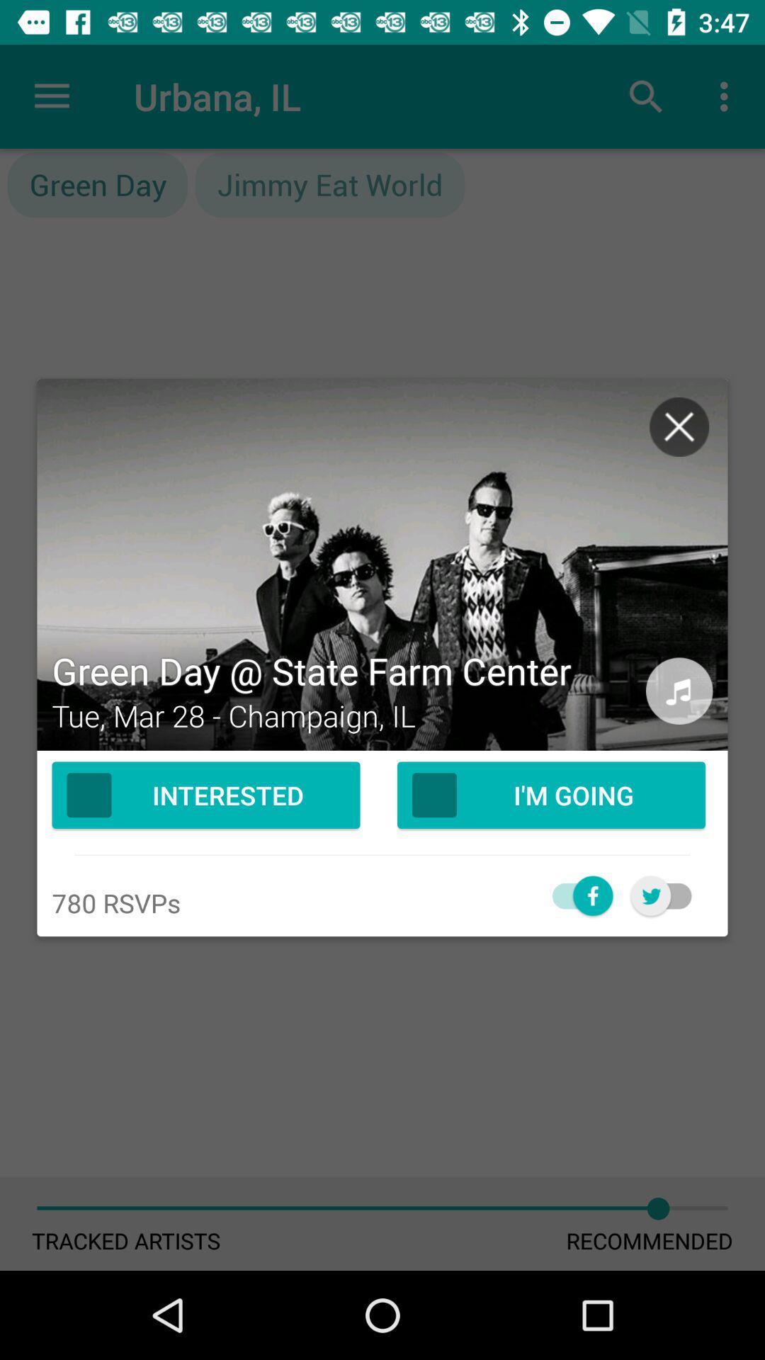 This screenshot has height=1360, width=765. Describe the element at coordinates (679, 691) in the screenshot. I see `the audio` at that location.